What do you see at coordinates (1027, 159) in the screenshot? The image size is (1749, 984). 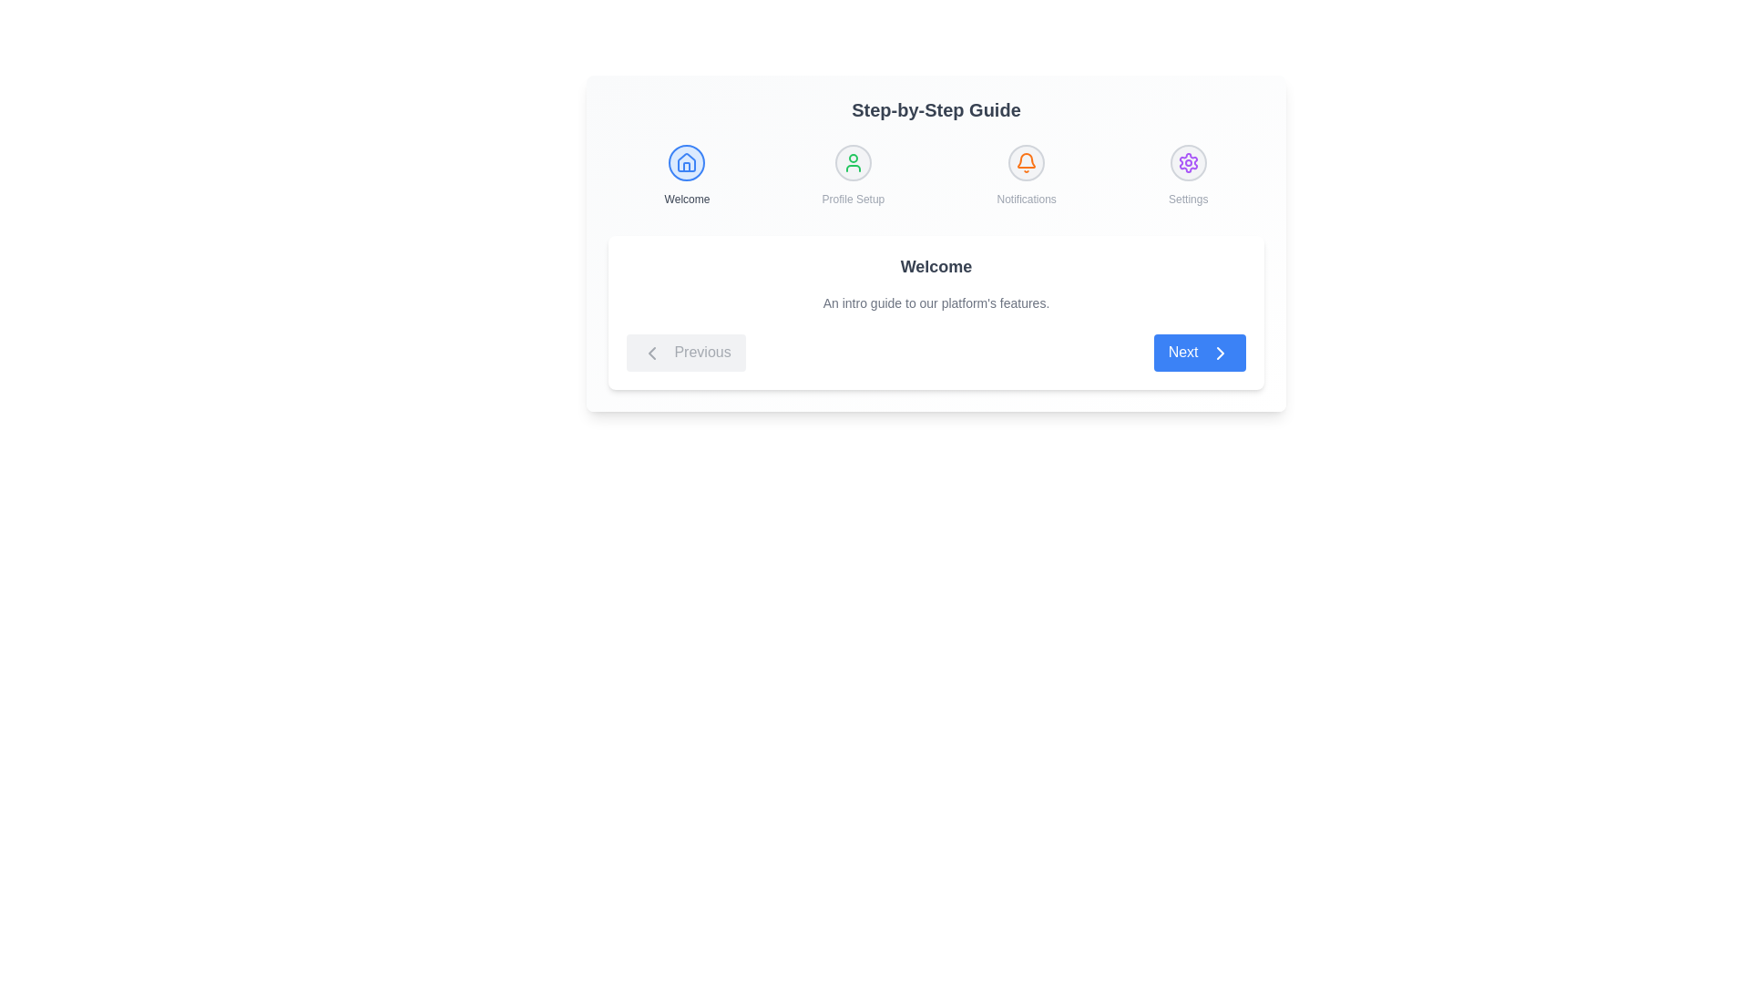 I see `the notification bell icon located in the top navigation row, which has an orange stroke and a hollow appearance` at bounding box center [1027, 159].